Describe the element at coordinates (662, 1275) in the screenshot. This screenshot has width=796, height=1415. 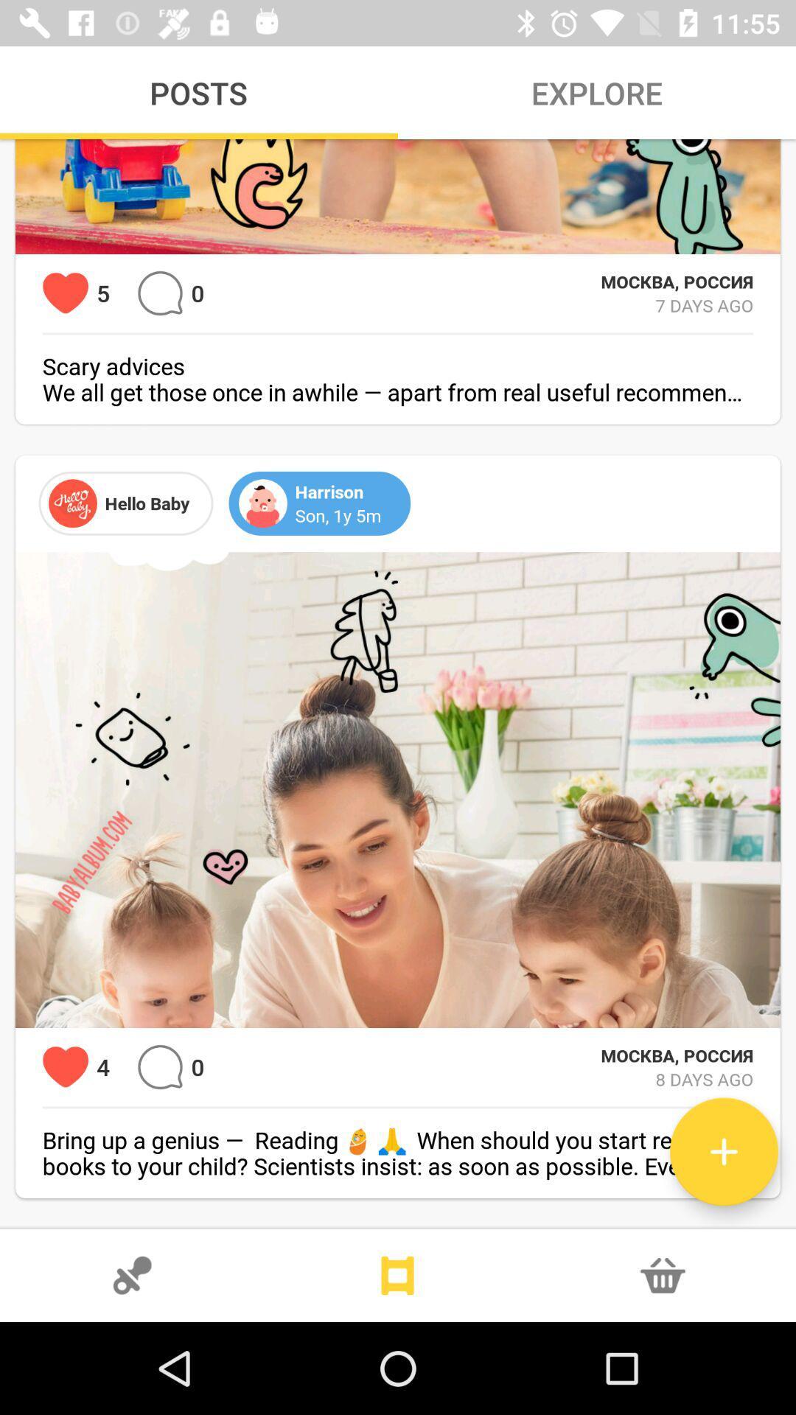
I see `the info icon` at that location.